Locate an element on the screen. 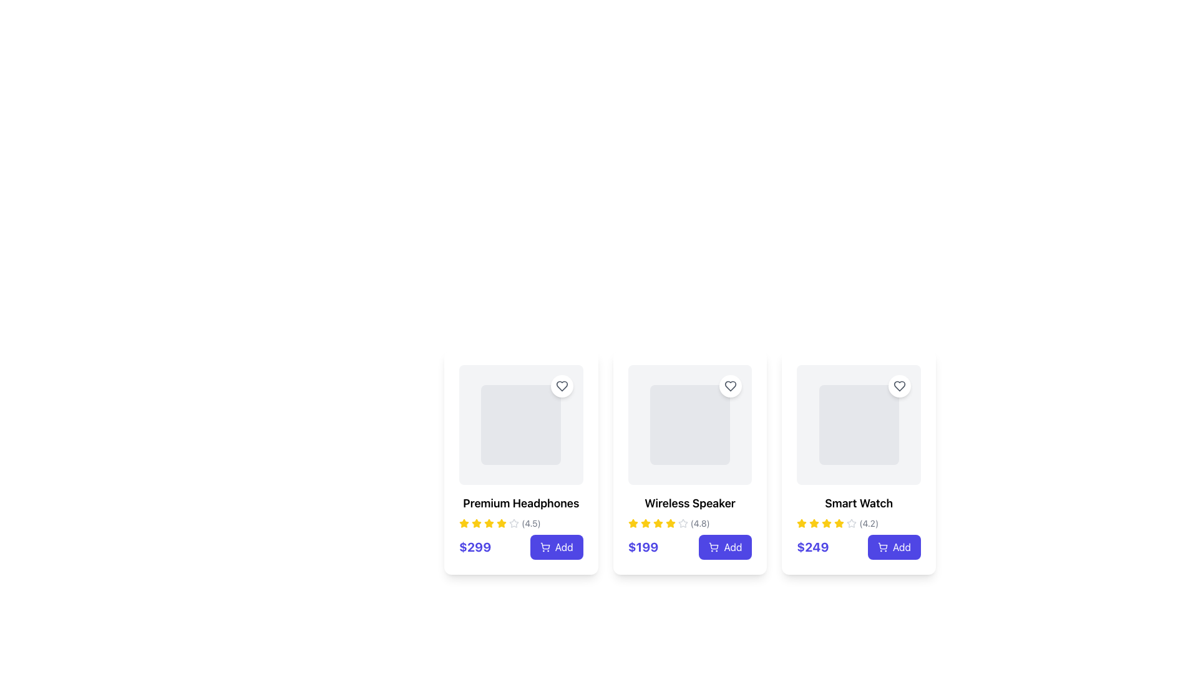 The width and height of the screenshot is (1198, 674). the first star icon in the rating component of the 'Wireless Speaker' product card, which is located in the second card from the left is located at coordinates (633, 524).